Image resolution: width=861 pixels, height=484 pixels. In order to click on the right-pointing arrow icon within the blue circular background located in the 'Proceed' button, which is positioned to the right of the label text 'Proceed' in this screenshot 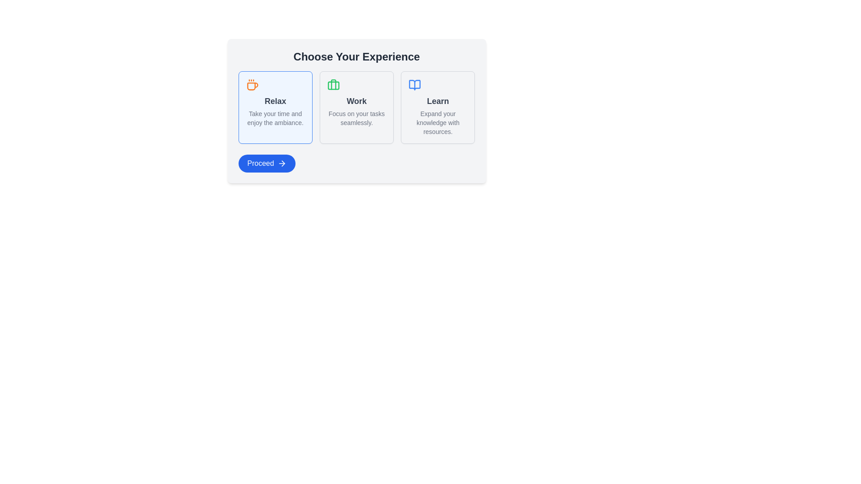, I will do `click(282, 164)`.